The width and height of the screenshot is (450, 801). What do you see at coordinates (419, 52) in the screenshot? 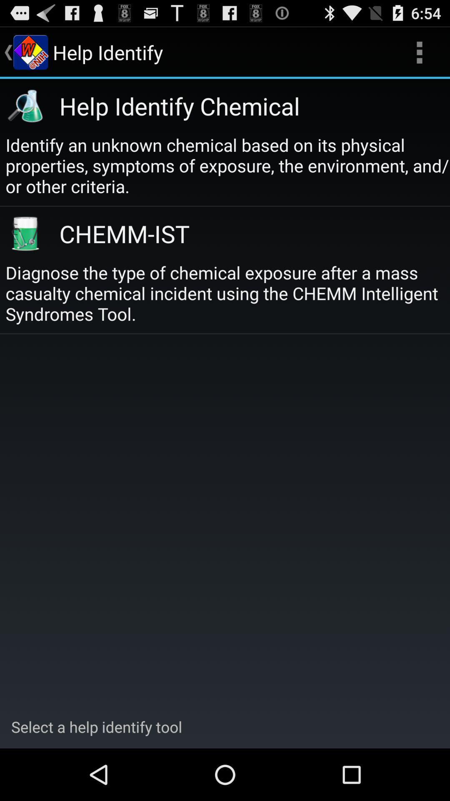
I see `app to the right of the help identify app` at bounding box center [419, 52].